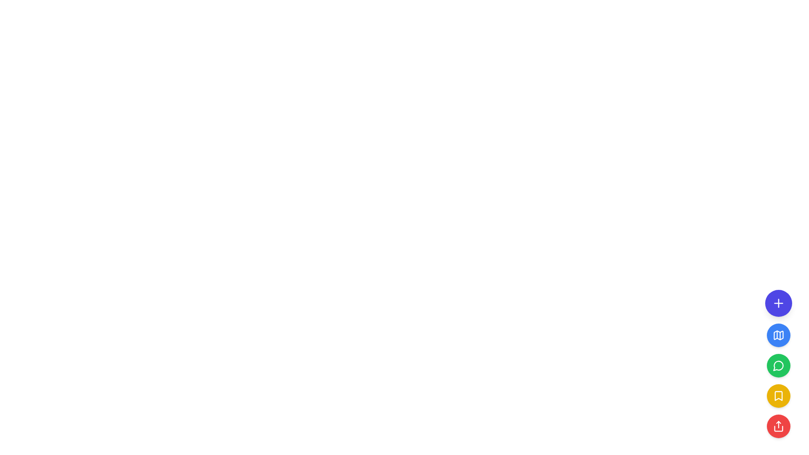 This screenshot has width=809, height=455. Describe the element at coordinates (778, 396) in the screenshot. I see `the circular yellow button with a white bookmark icon` at that location.